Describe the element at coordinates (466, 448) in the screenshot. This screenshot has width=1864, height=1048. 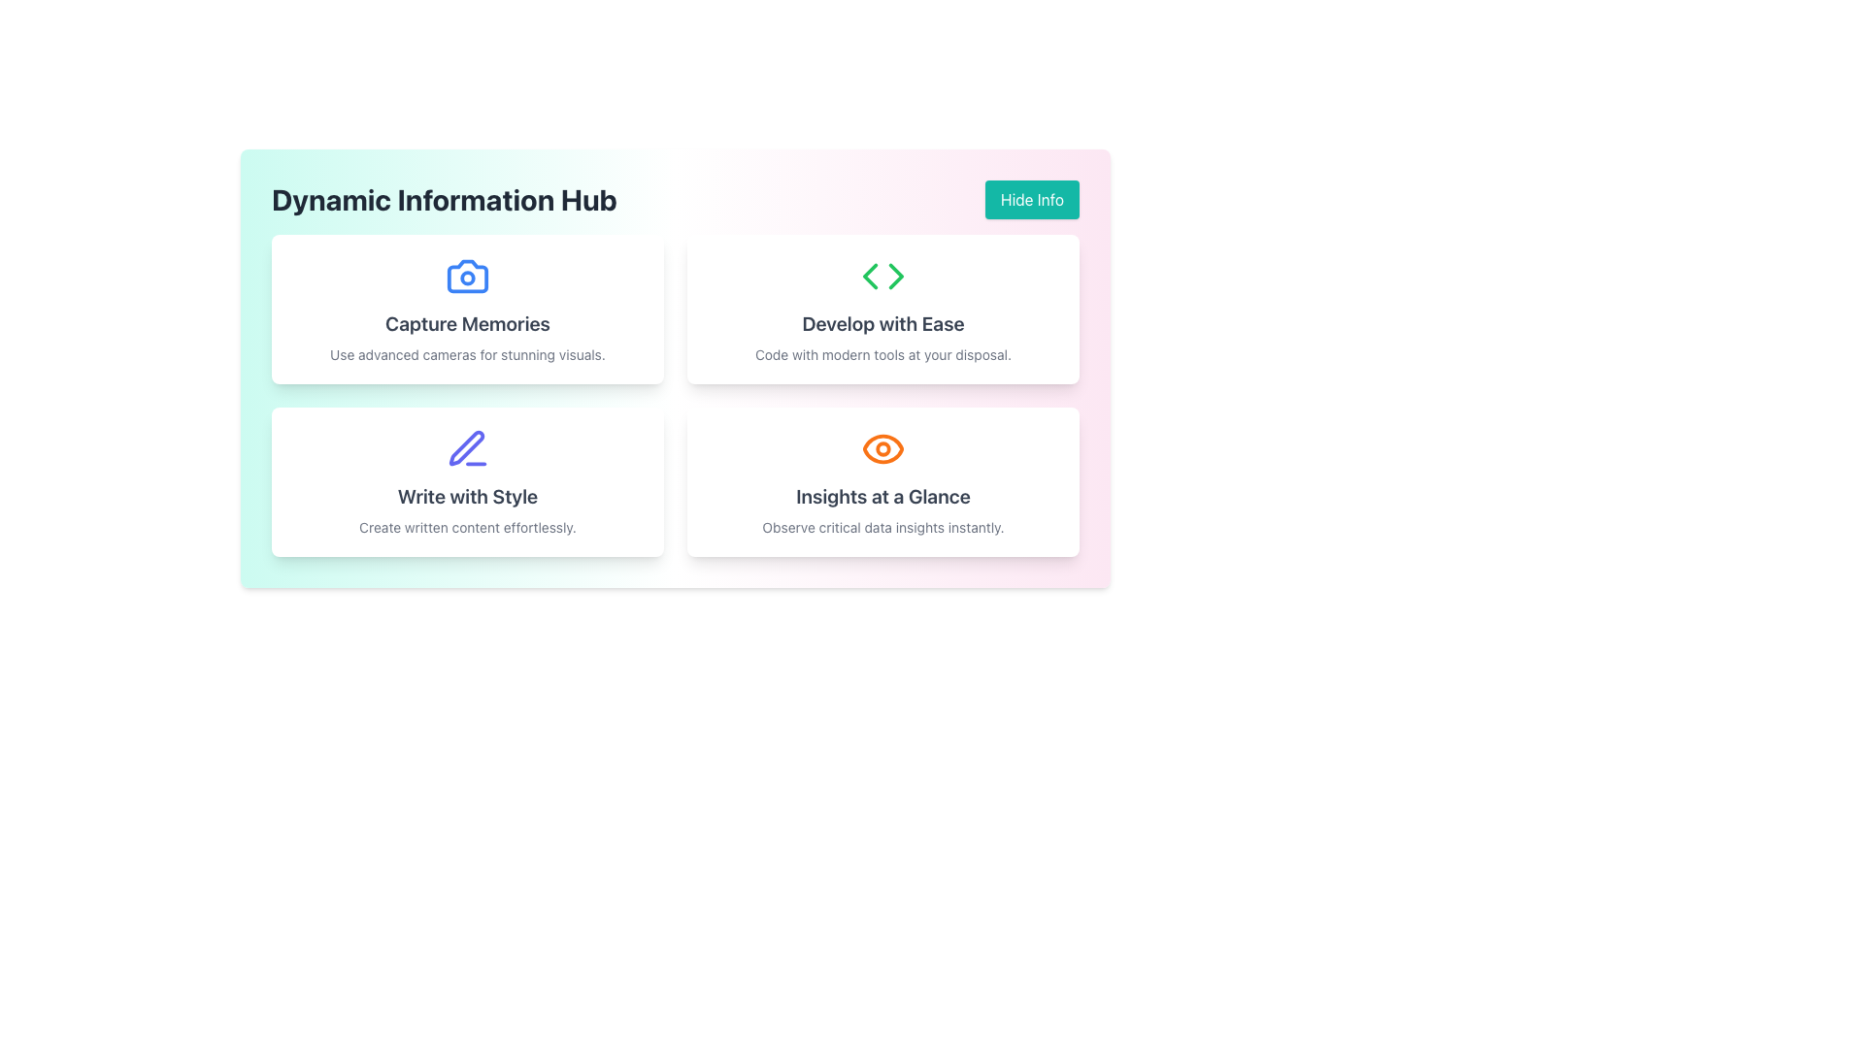
I see `the pen icon representing the 'Write with Style' feature, which is centrally located within its card layout` at that location.